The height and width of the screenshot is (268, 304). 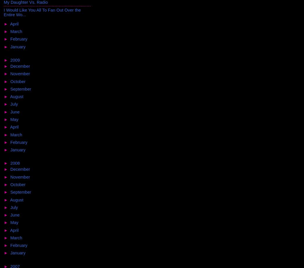 I want to click on '(22)', so click(x=30, y=81).